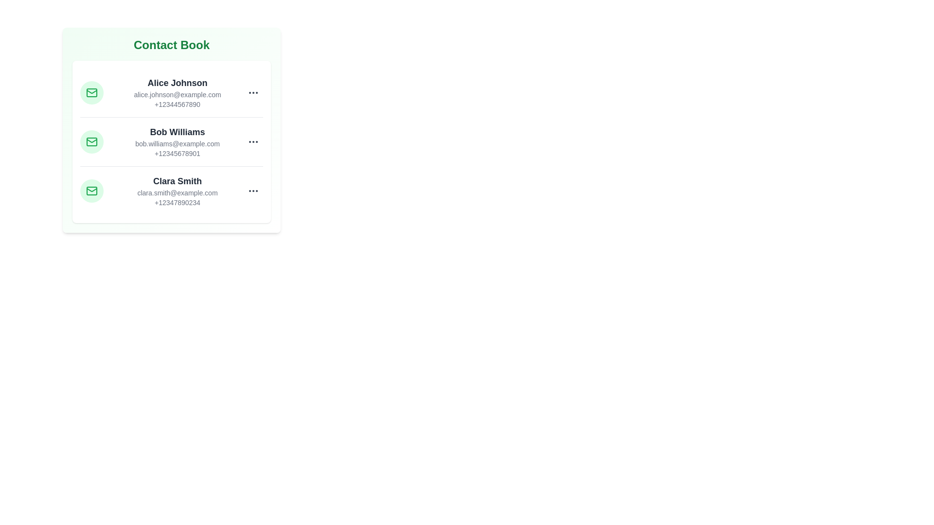 The height and width of the screenshot is (525, 934). Describe the element at coordinates (91, 93) in the screenshot. I see `mail icon for the contact Alice Johnson to highlight it` at that location.